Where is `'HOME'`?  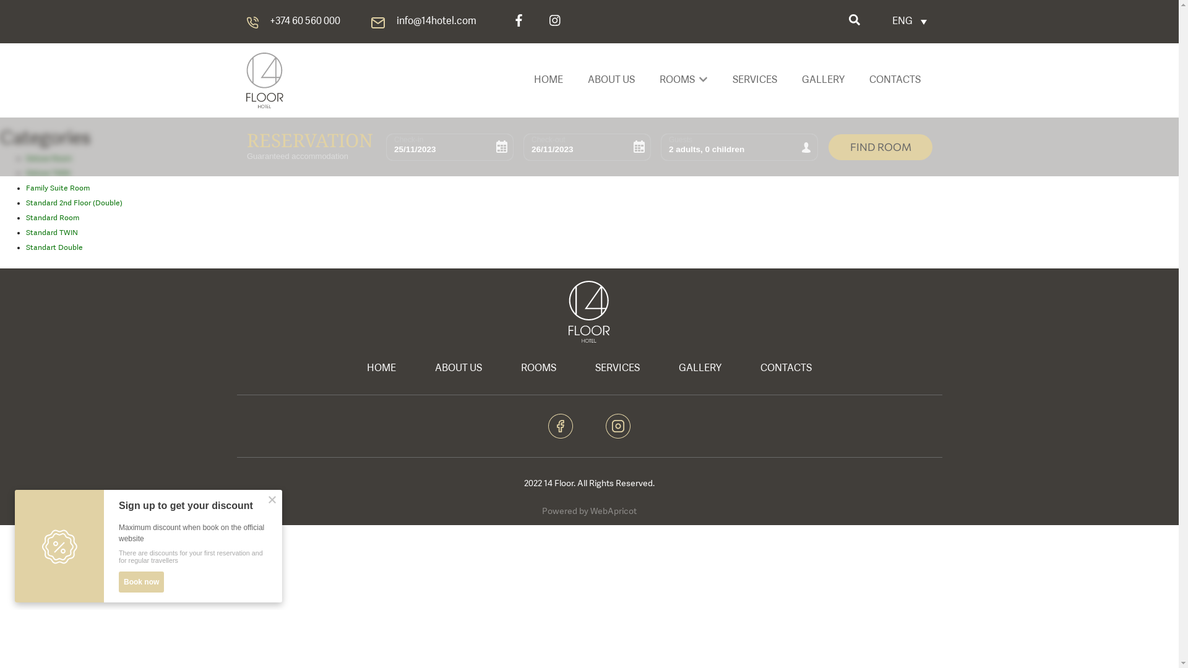 'HOME' is located at coordinates (381, 368).